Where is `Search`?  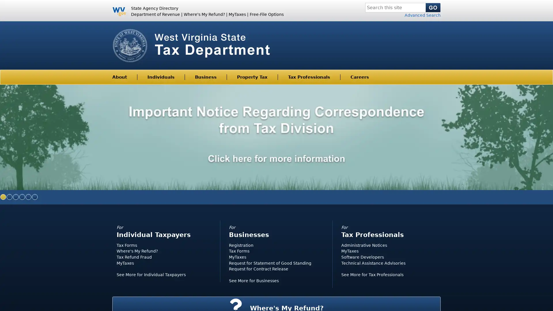
Search is located at coordinates (433, 7).